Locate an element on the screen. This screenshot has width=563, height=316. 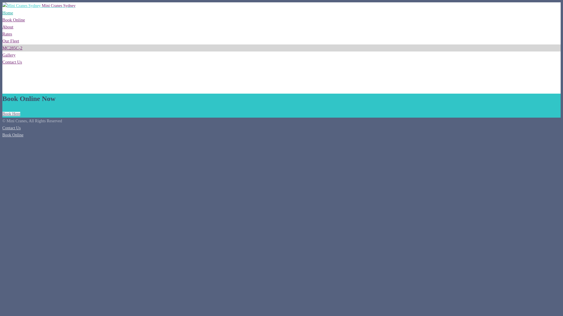
'Rates' is located at coordinates (2, 34).